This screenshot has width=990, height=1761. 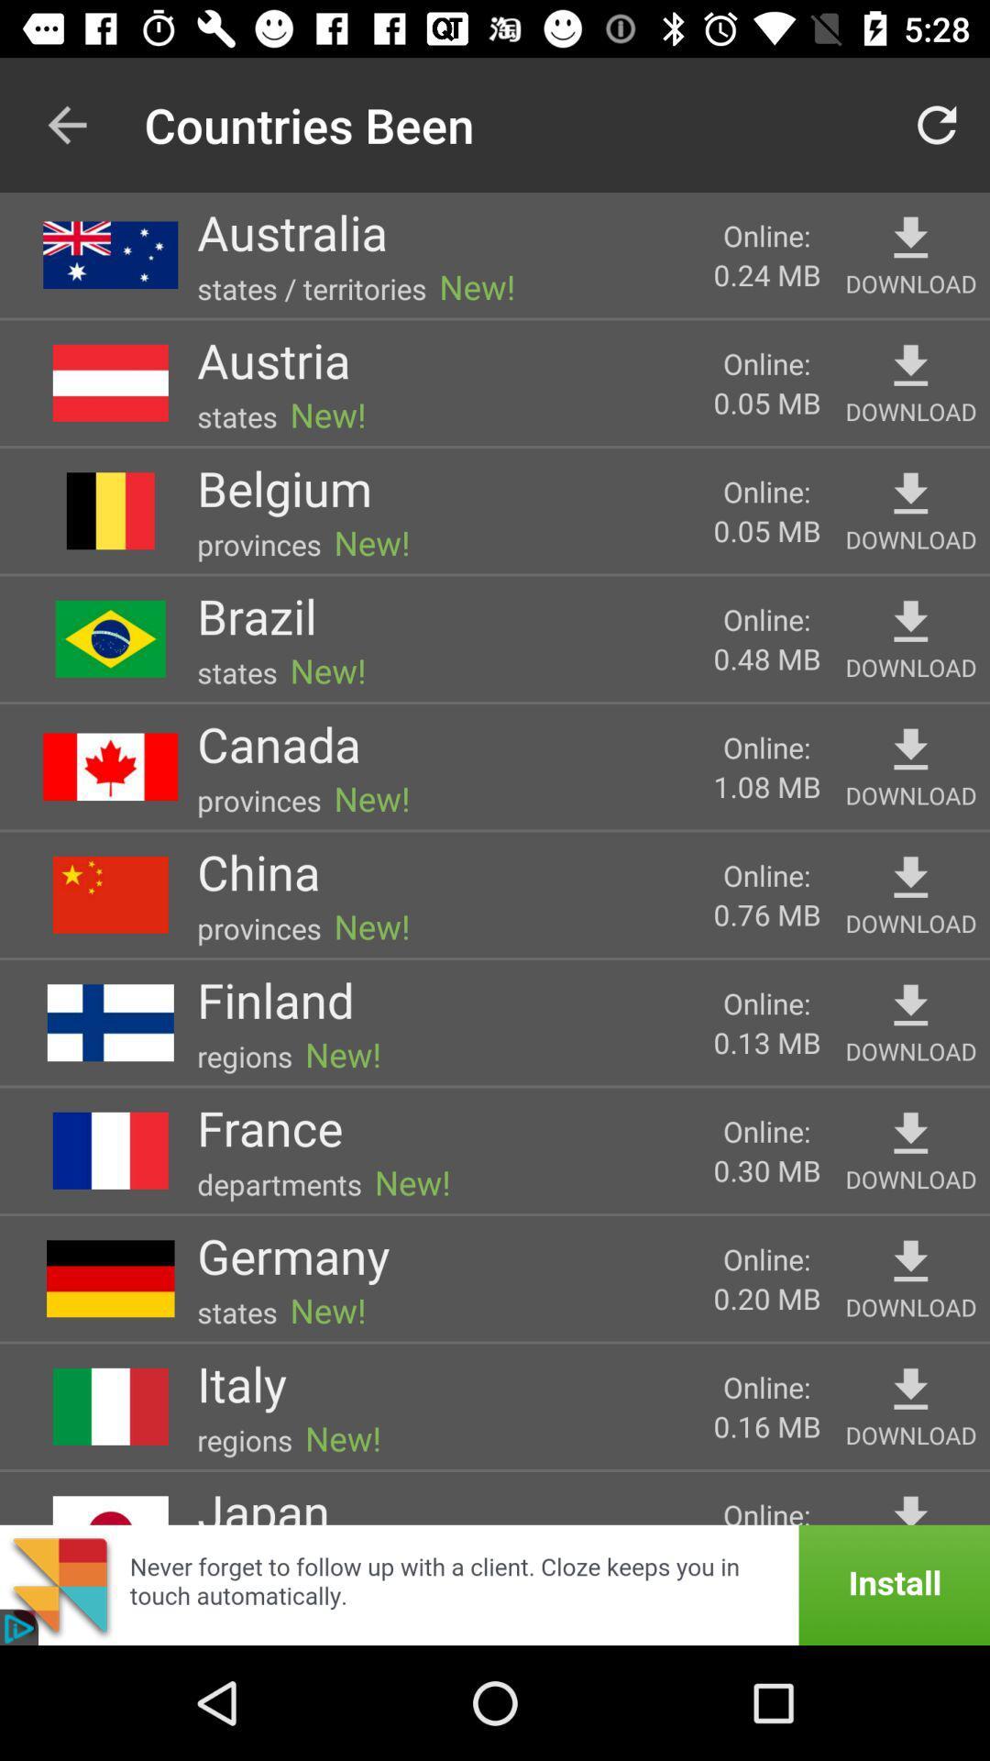 I want to click on the item to the left of the 0.20 mb item, so click(x=292, y=1255).